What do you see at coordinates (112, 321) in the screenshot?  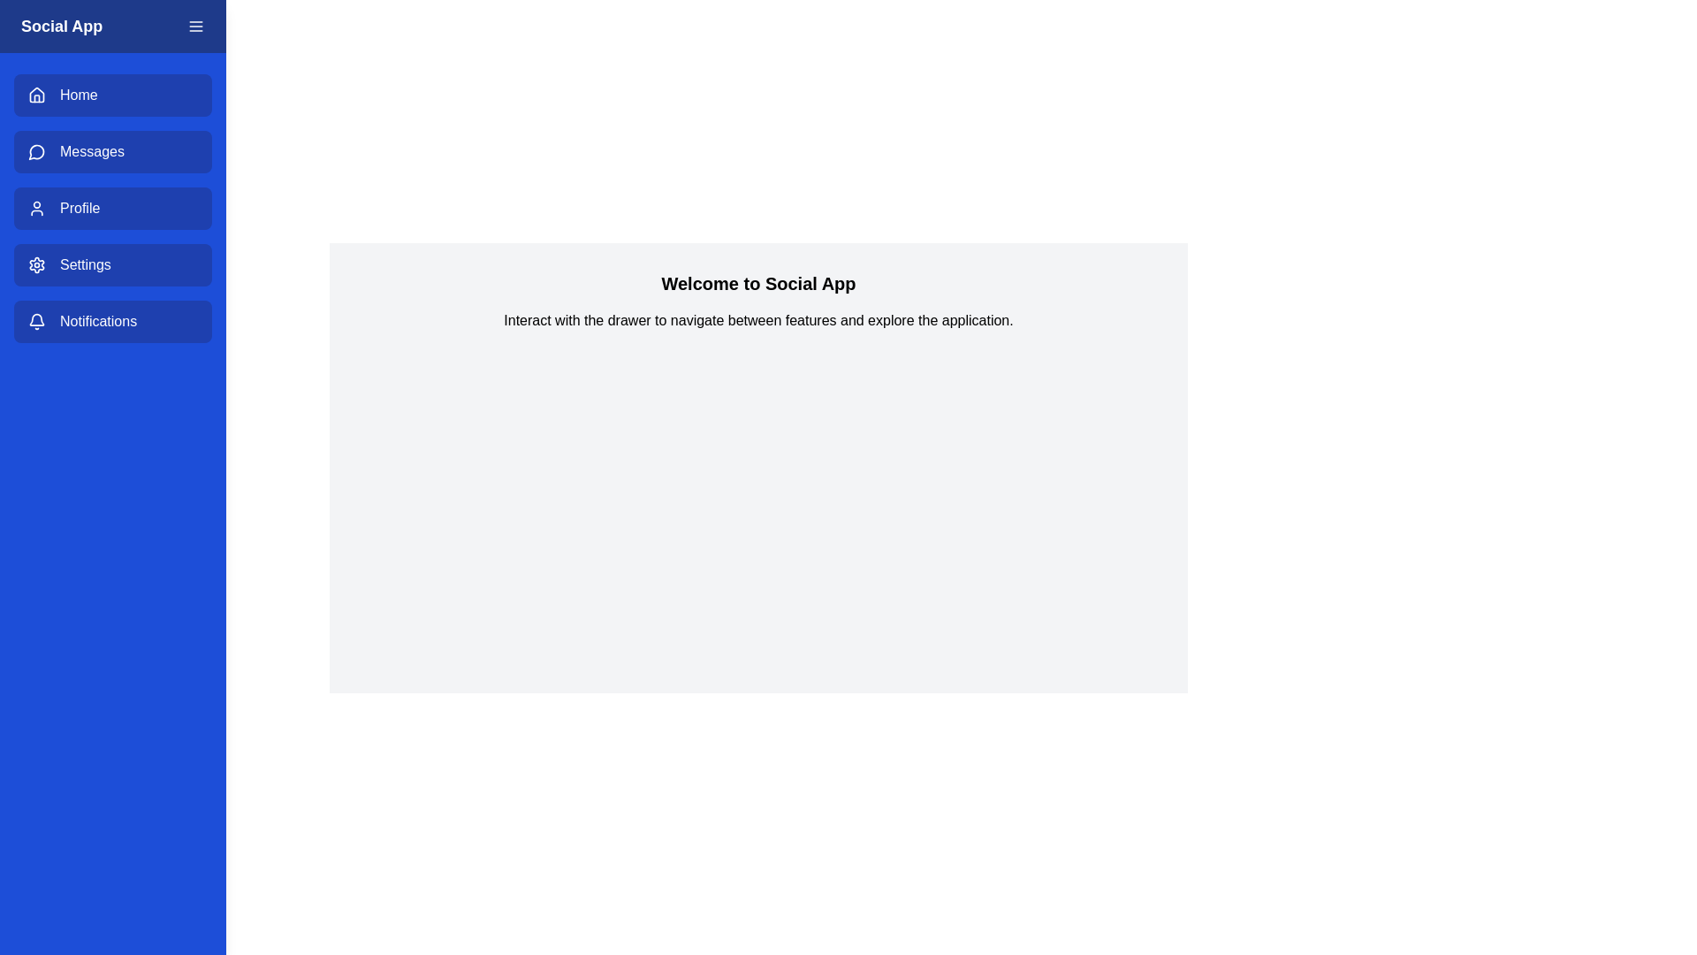 I see `the menu item Notifications to navigate to the respective section` at bounding box center [112, 321].